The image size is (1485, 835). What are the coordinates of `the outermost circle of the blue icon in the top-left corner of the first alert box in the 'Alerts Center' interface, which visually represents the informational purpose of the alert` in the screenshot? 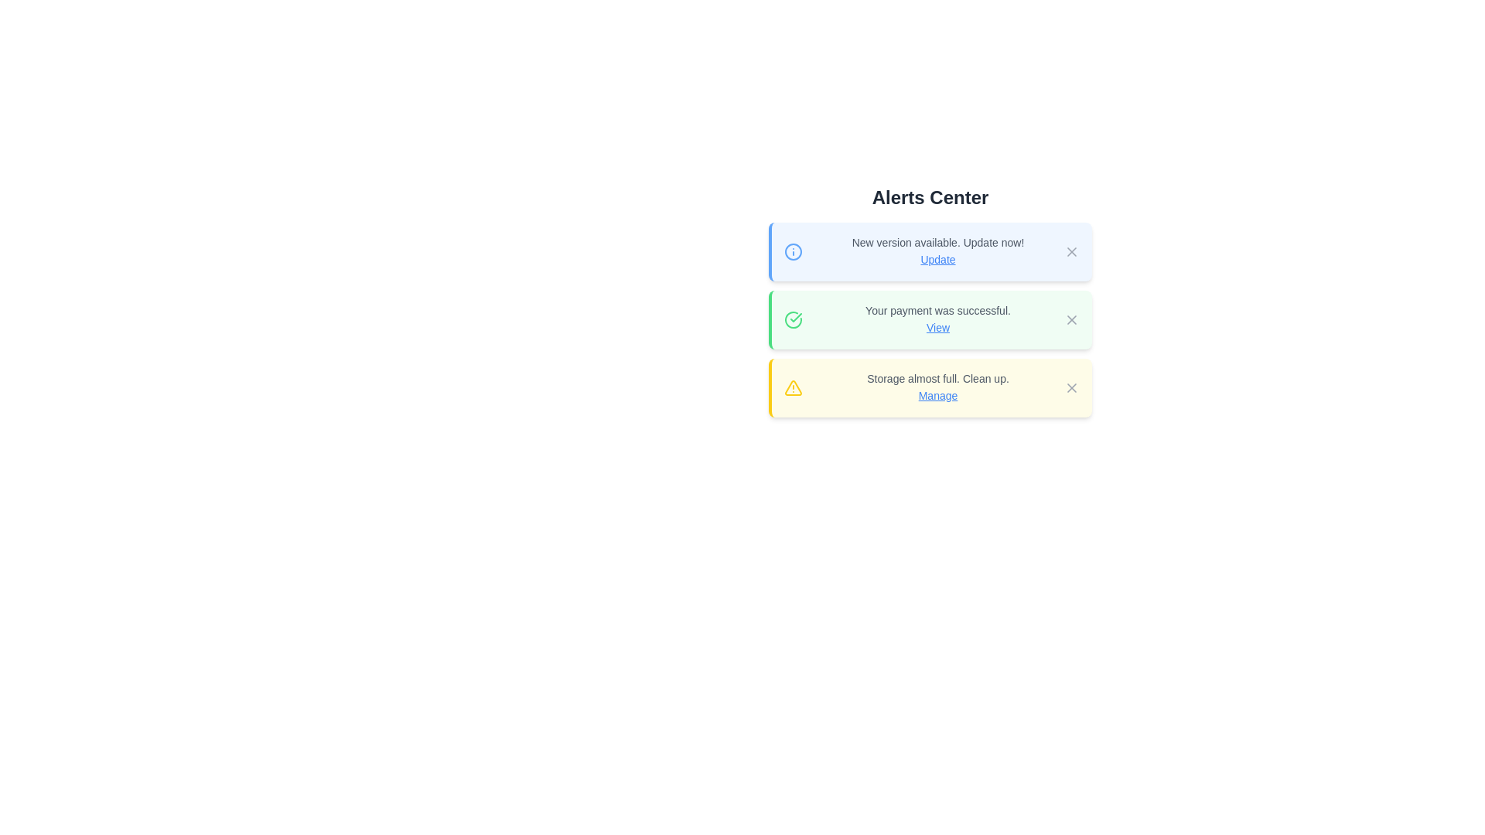 It's located at (794, 251).